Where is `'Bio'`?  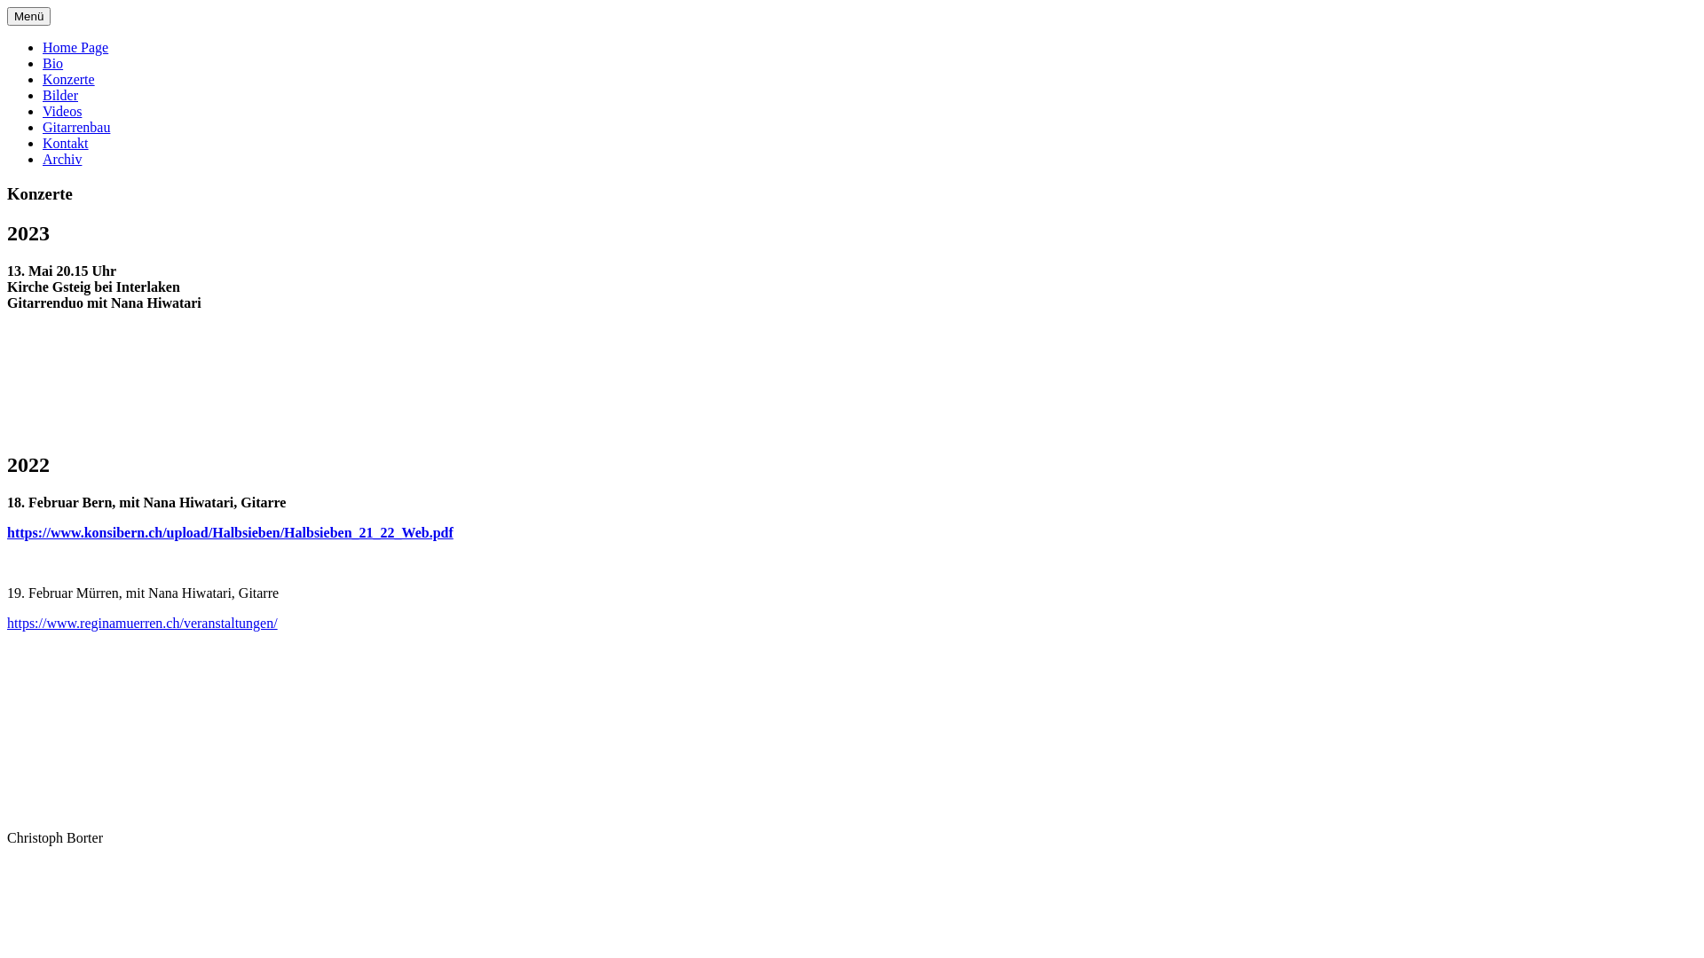 'Bio' is located at coordinates (52, 62).